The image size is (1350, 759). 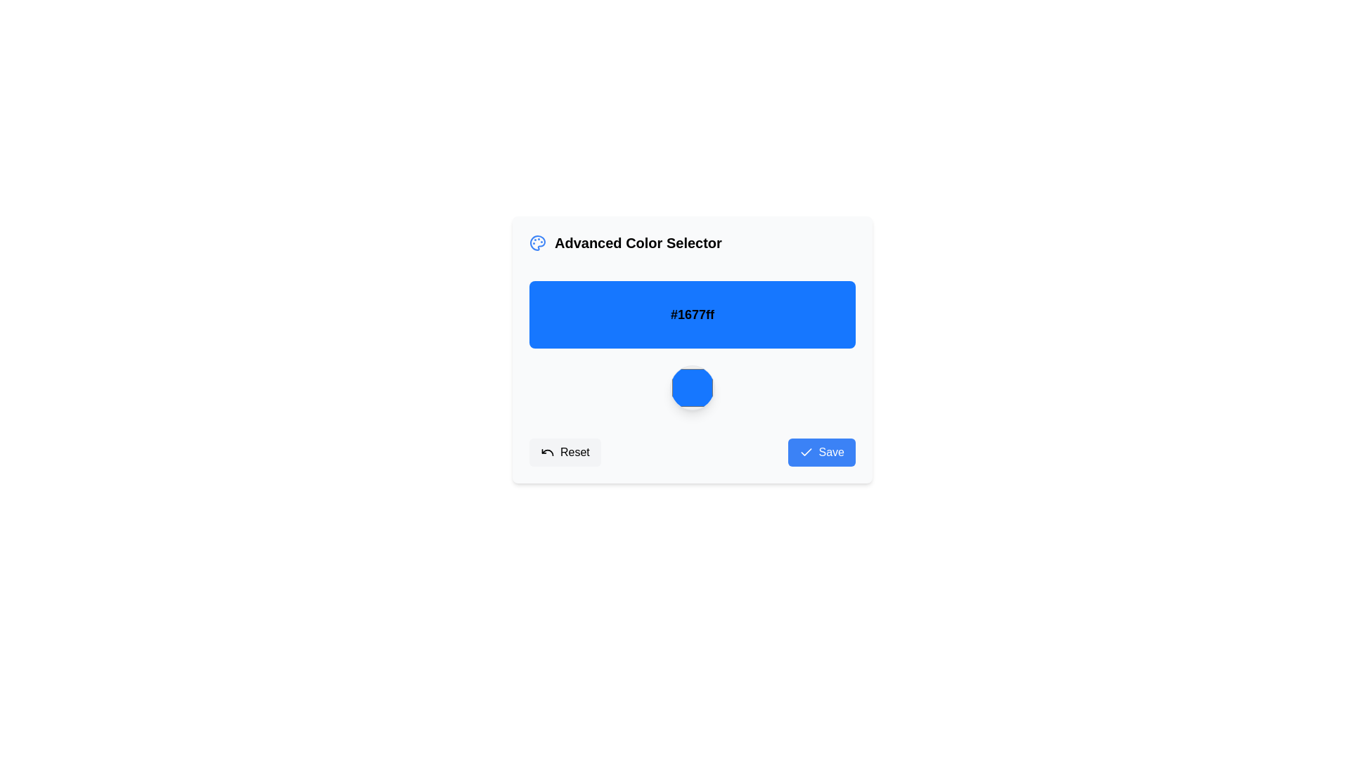 What do you see at coordinates (536, 242) in the screenshot?
I see `the decorative icon representing the color or palette selector feature located to the left of the 'Advanced Color Selector' text label in the header section` at bounding box center [536, 242].